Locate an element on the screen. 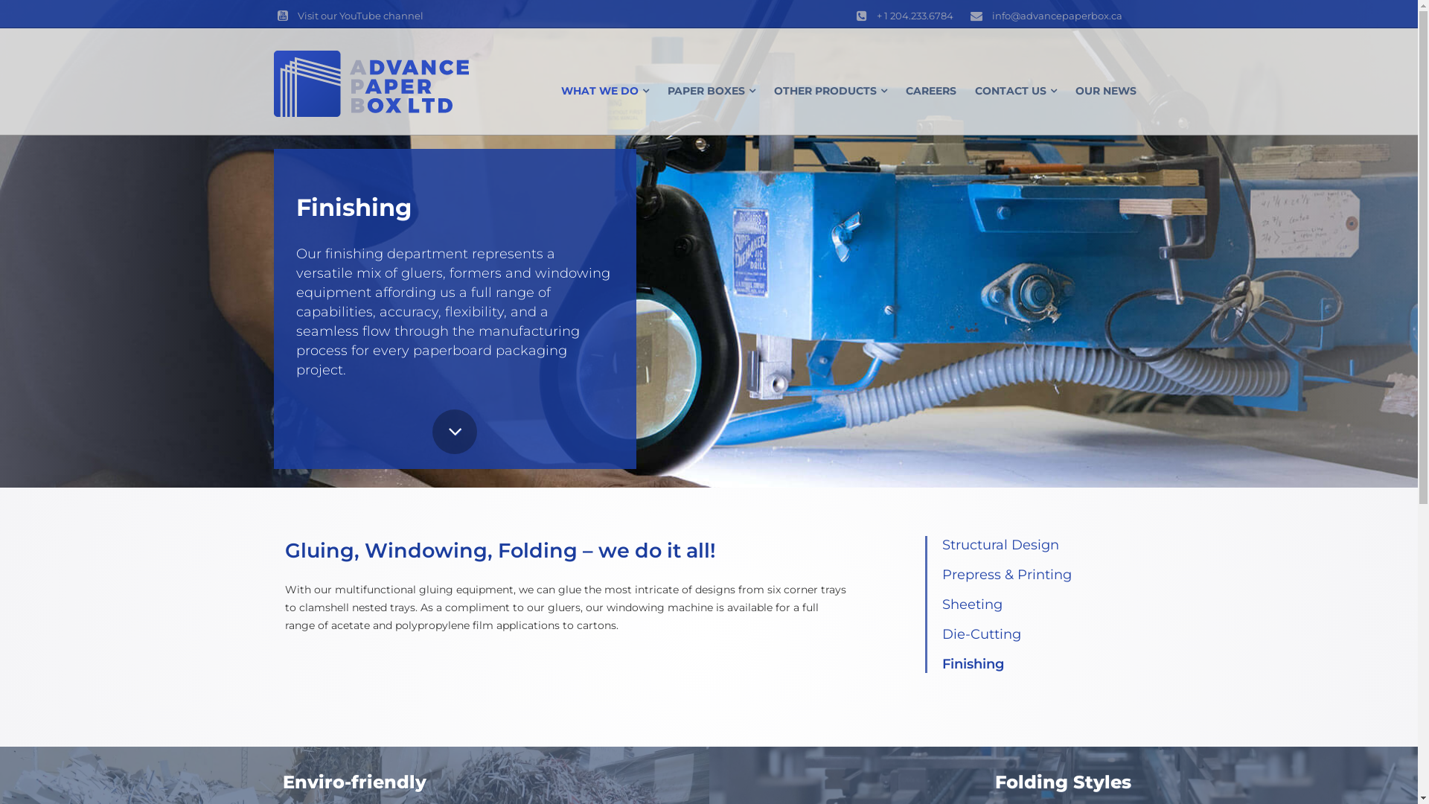  'Visit our YouTube channel' is located at coordinates (348, 14).